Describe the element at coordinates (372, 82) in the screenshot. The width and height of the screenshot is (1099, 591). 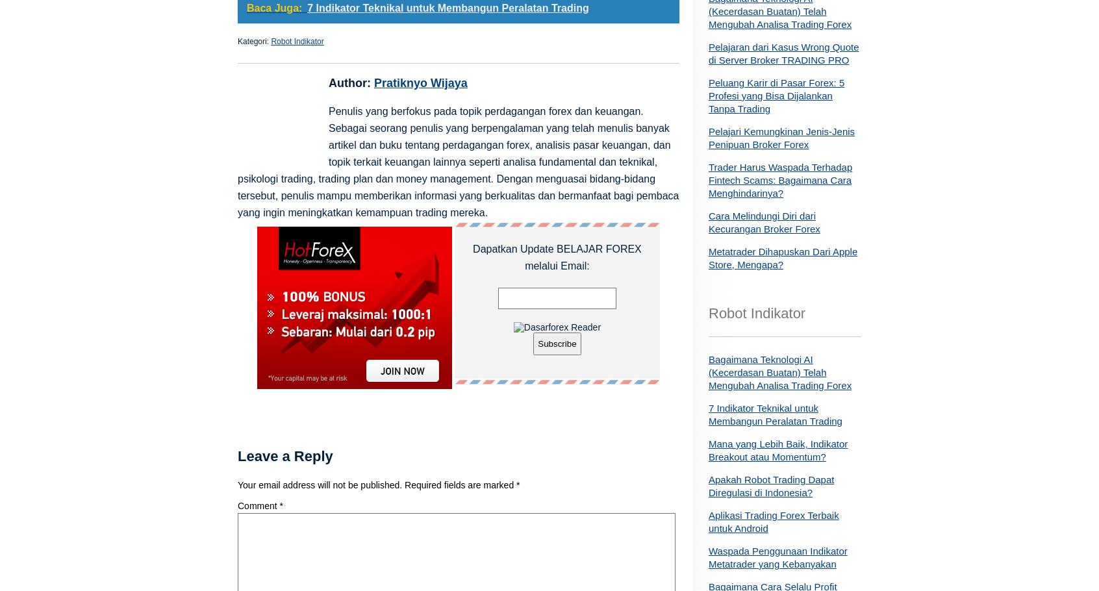
I see `'Pratiknyo Wijaya'` at that location.